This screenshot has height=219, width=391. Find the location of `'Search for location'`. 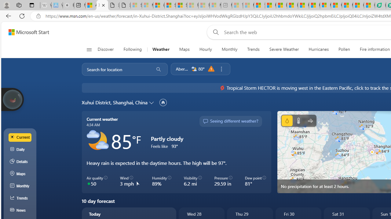

'Search for location' is located at coordinates (116, 69).